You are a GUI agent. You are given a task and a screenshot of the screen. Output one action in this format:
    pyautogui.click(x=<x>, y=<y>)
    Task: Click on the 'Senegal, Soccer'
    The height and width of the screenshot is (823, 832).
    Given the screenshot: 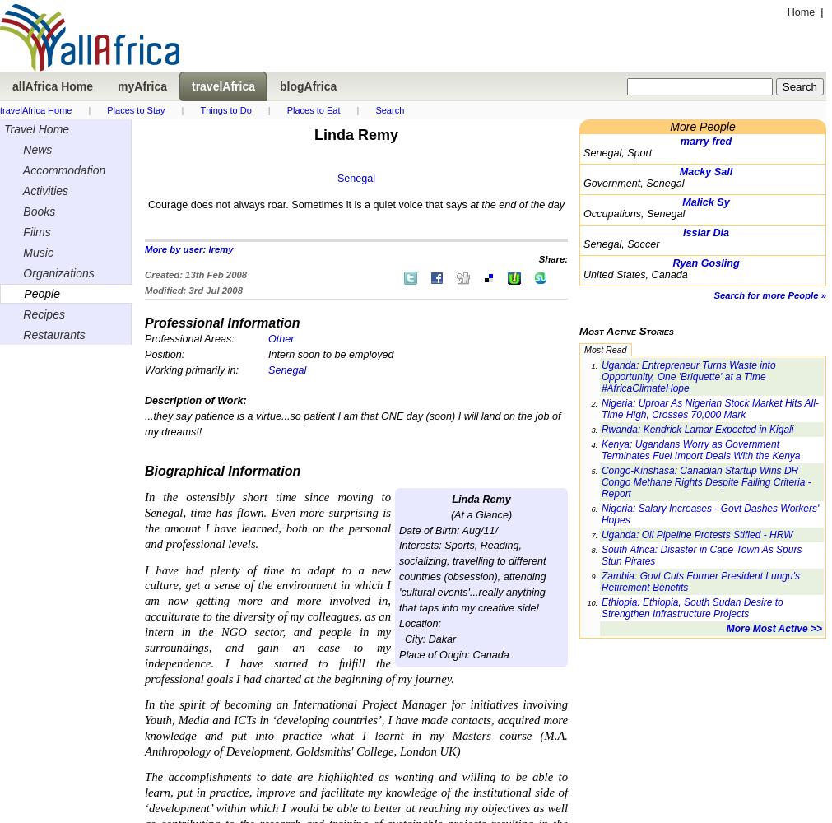 What is the action you would take?
    pyautogui.click(x=583, y=244)
    